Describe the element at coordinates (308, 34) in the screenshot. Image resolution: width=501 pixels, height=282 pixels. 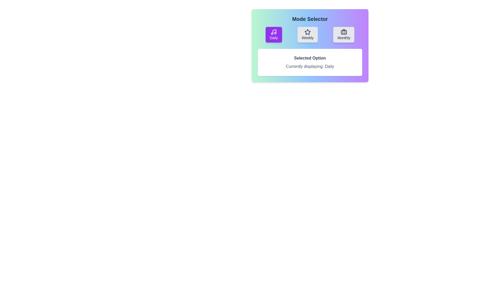
I see `the 'Weekly' button with a star icon` at that location.